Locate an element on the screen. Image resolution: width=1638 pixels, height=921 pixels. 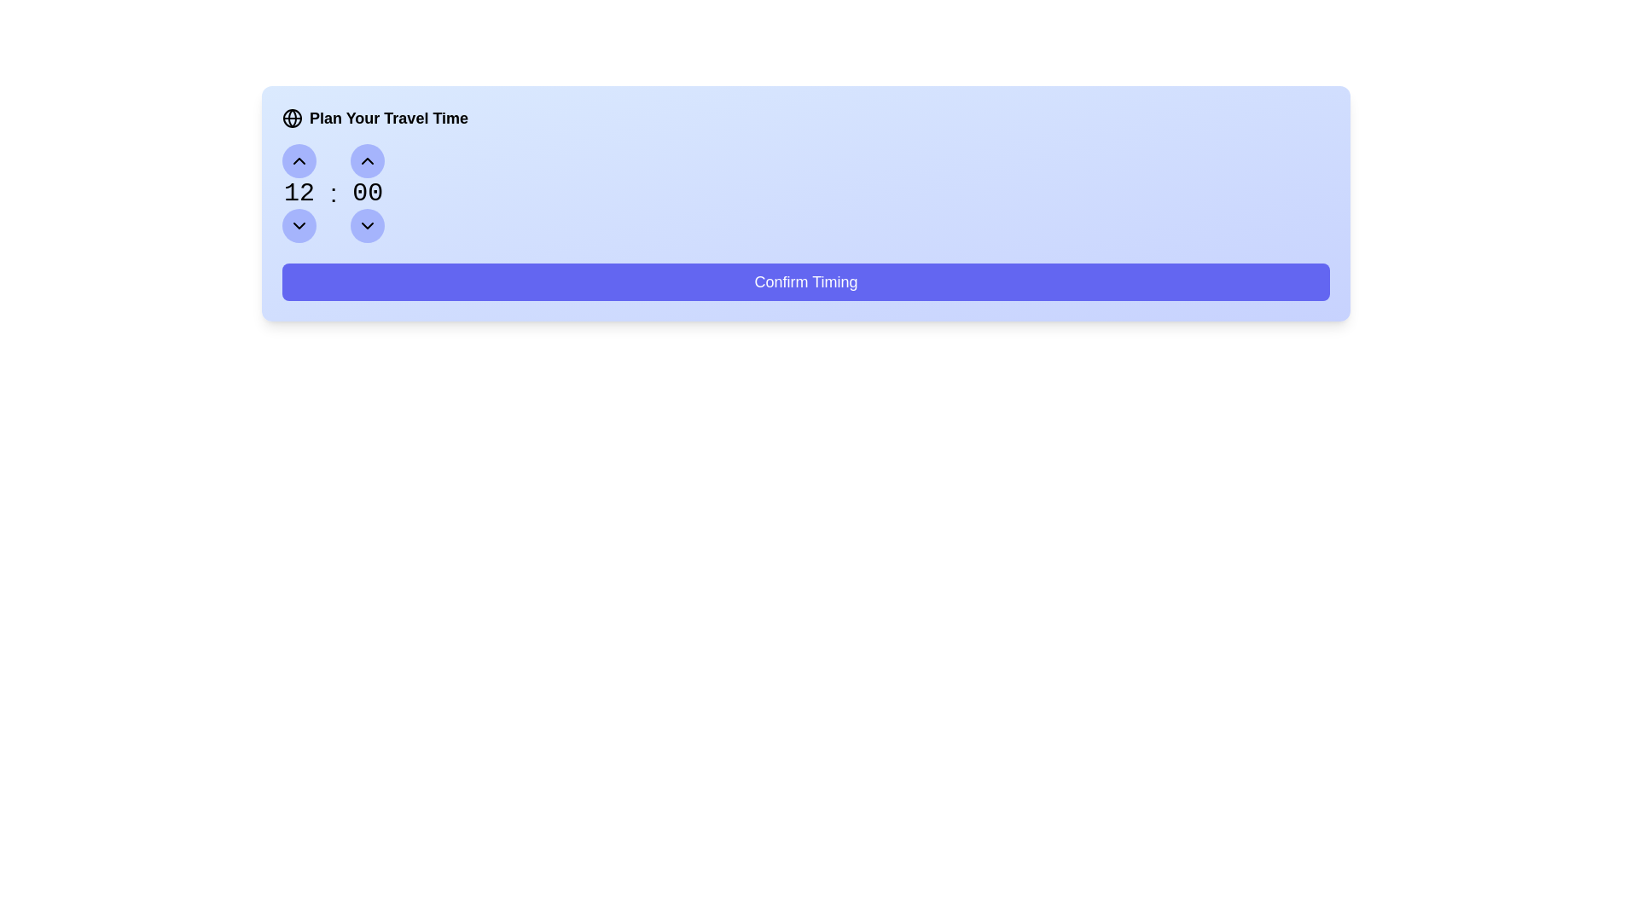
the button that increments the hour value, positioned above the '12' value display in the hour selection section is located at coordinates (299, 161).